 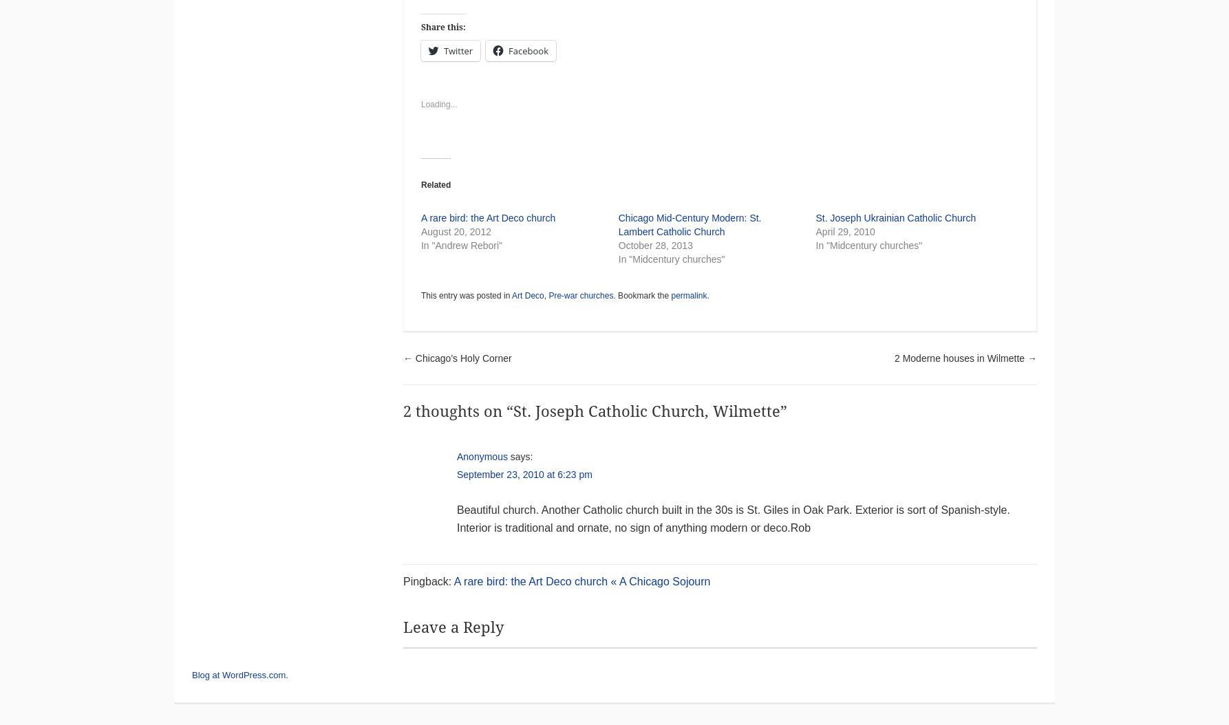 I want to click on 'Leave a Reply', so click(x=452, y=627).